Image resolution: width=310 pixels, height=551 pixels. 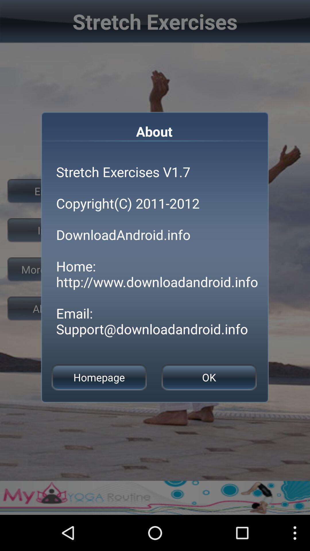 What do you see at coordinates (99, 377) in the screenshot?
I see `the icon to the left of ok button` at bounding box center [99, 377].